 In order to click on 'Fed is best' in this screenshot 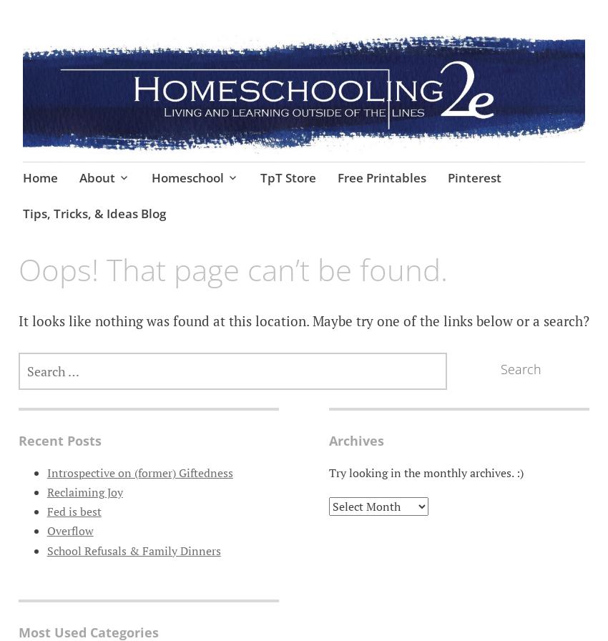, I will do `click(46, 512)`.